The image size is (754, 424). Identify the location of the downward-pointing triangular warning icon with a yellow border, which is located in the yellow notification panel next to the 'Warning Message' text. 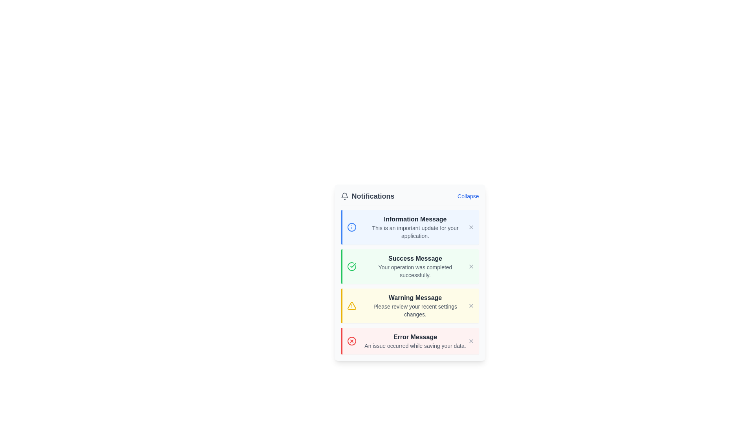
(351, 305).